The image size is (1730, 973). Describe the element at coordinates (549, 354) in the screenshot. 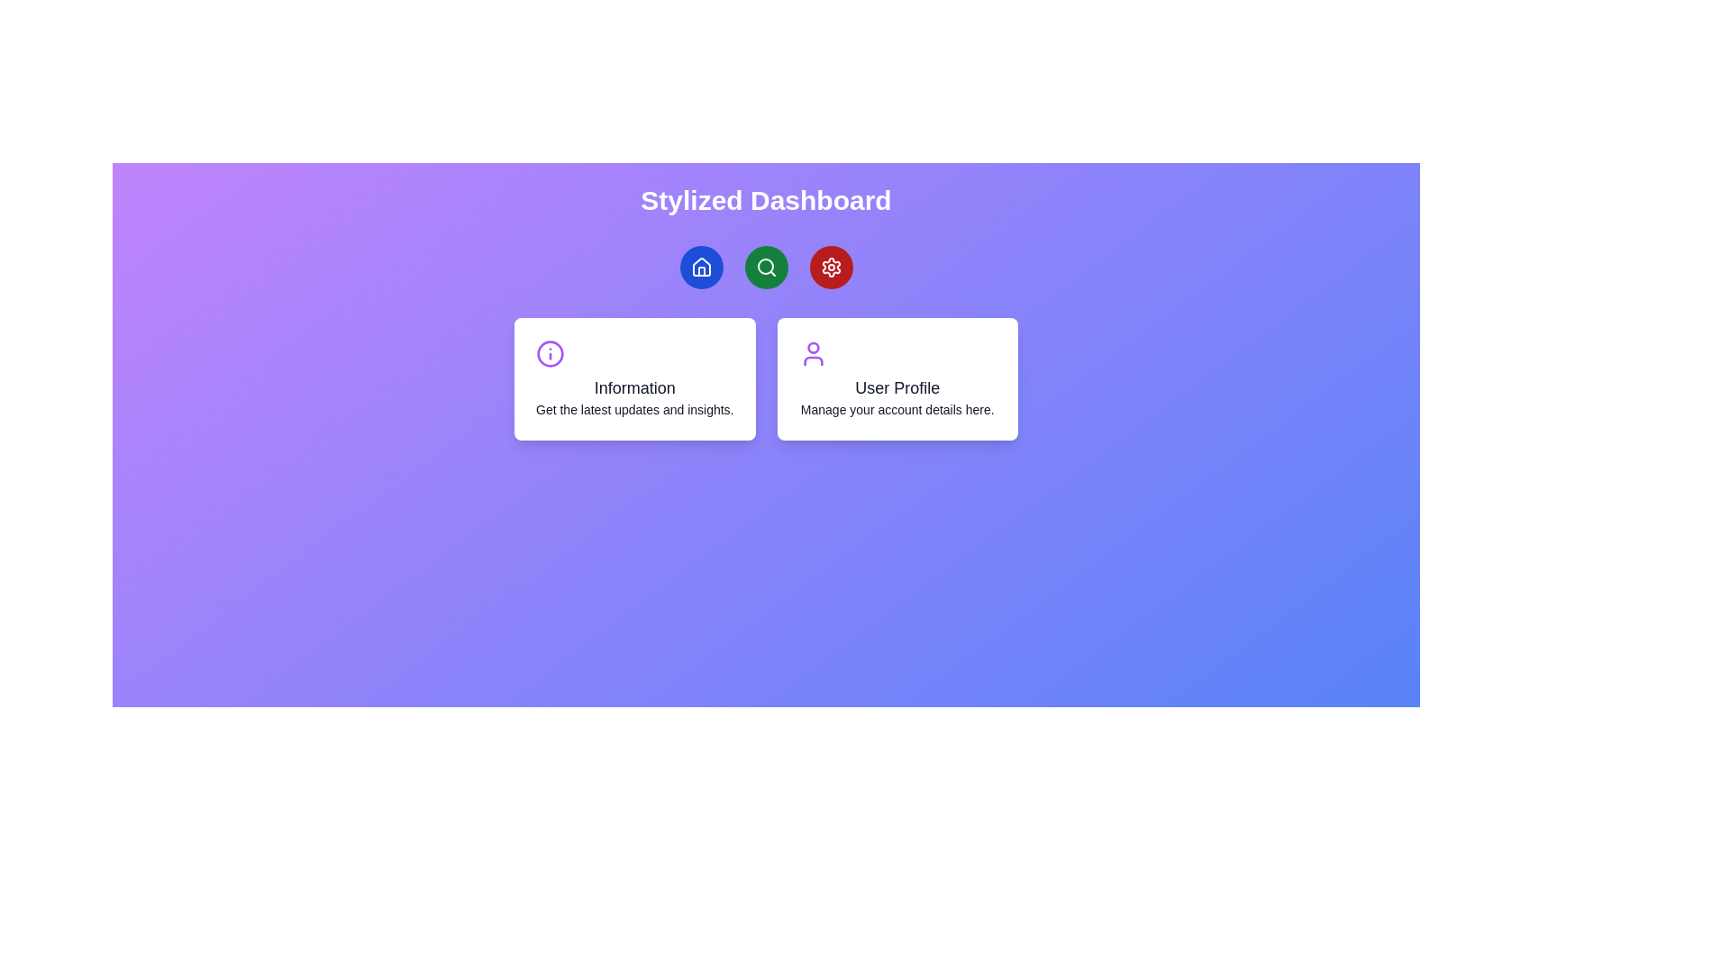

I see `the SVG Circle Element that enhances the information icon within the 'Information' card below the navigation bar` at that location.